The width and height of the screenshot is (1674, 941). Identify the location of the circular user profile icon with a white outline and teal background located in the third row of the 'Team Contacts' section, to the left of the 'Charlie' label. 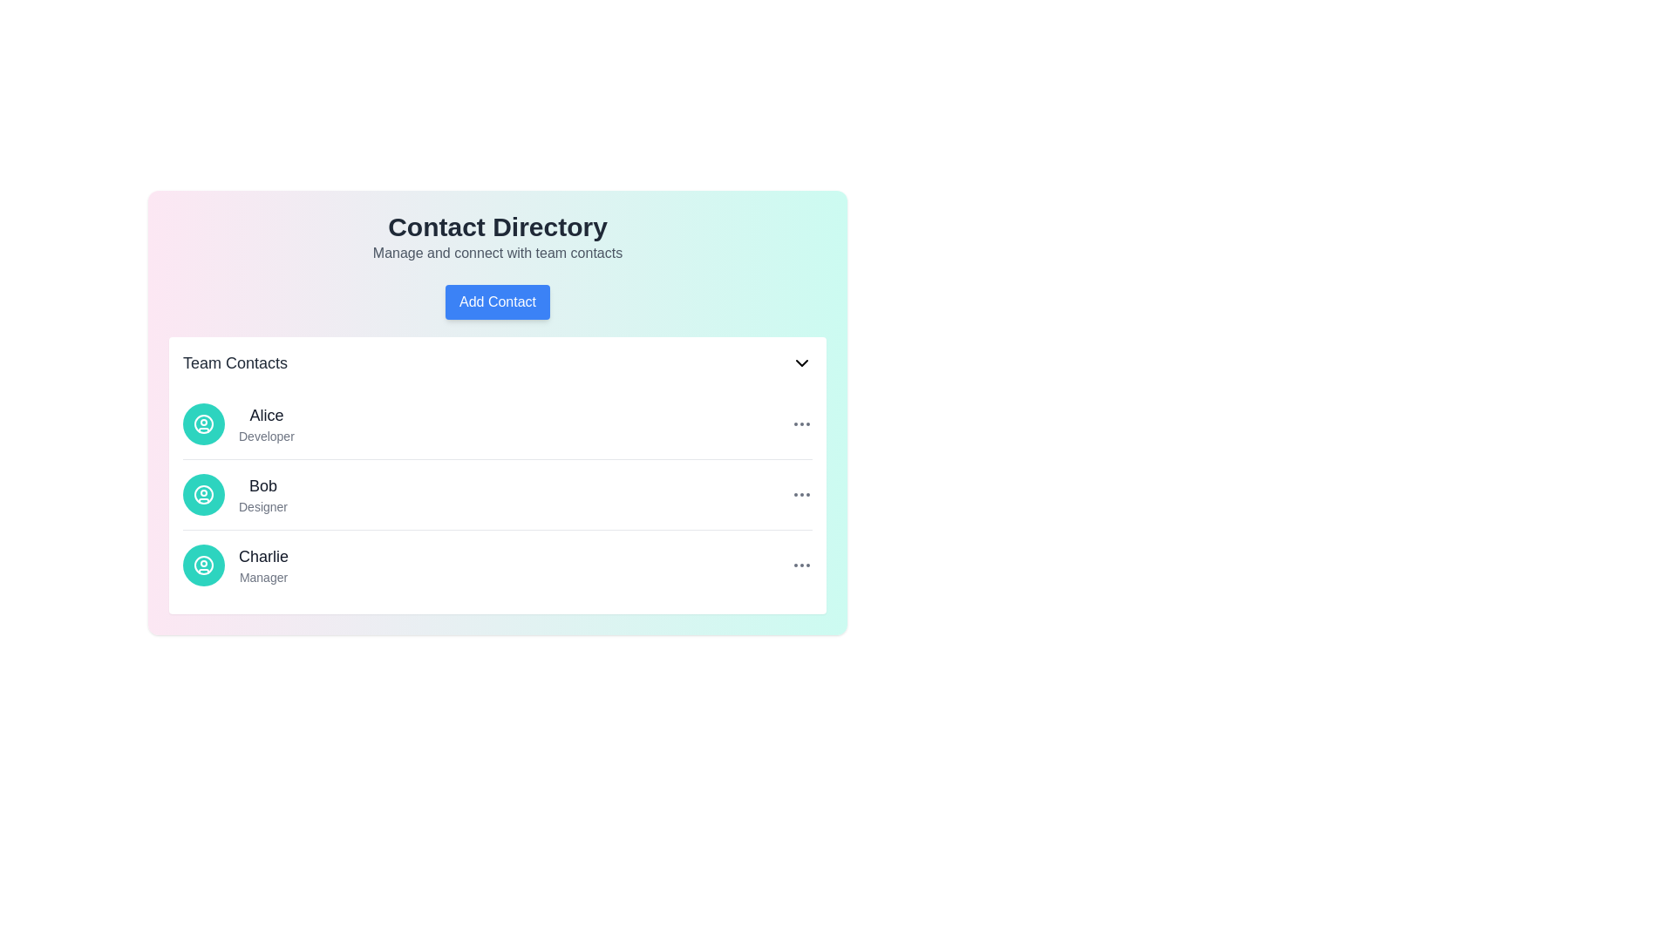
(204, 565).